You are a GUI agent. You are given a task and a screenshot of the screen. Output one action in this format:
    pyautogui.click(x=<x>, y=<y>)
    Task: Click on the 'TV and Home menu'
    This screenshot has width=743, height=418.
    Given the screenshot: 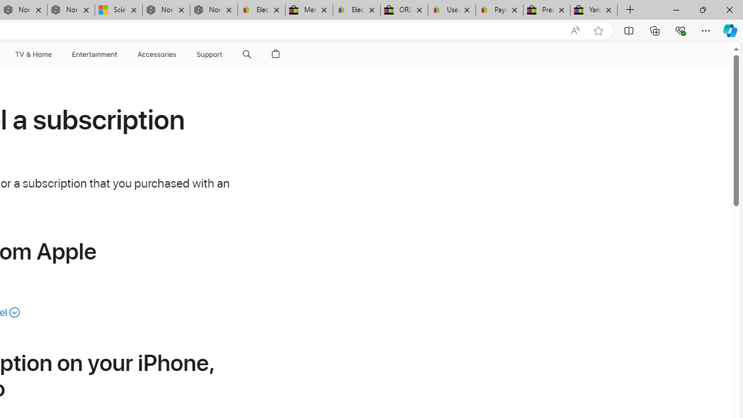 What is the action you would take?
    pyautogui.click(x=53, y=54)
    